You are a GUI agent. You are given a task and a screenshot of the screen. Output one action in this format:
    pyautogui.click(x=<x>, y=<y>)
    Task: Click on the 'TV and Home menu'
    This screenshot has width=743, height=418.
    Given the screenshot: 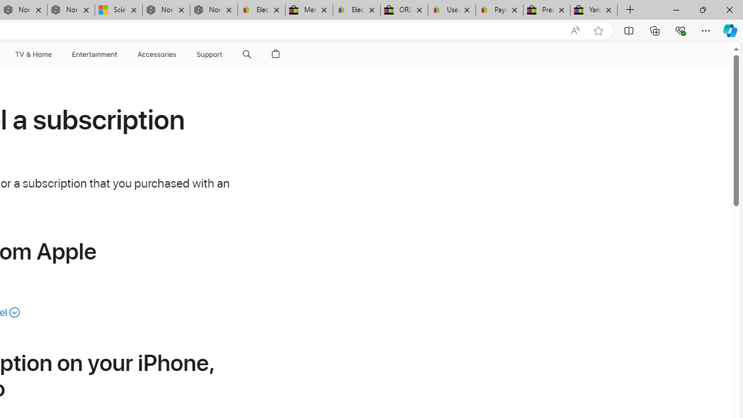 What is the action you would take?
    pyautogui.click(x=53, y=54)
    